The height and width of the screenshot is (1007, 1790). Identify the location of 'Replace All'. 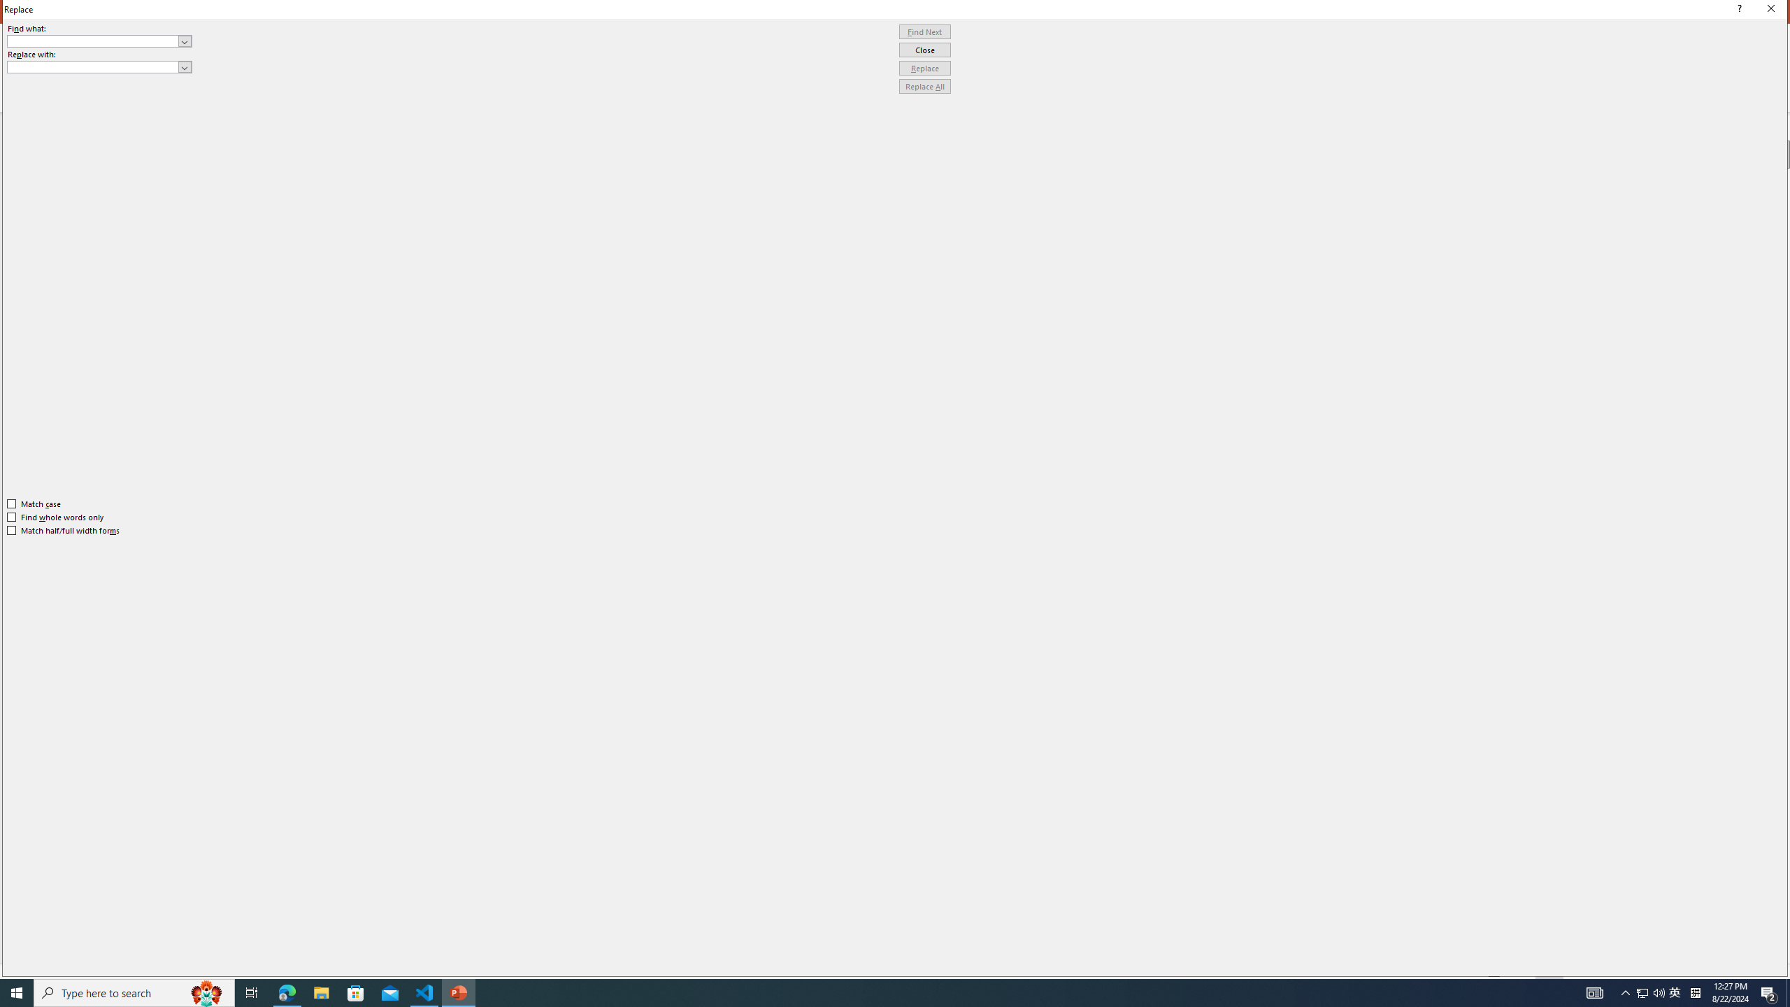
(924, 85).